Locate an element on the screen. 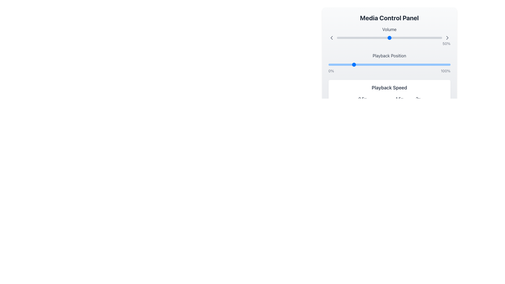 The width and height of the screenshot is (505, 284). the playback position is located at coordinates (399, 64).